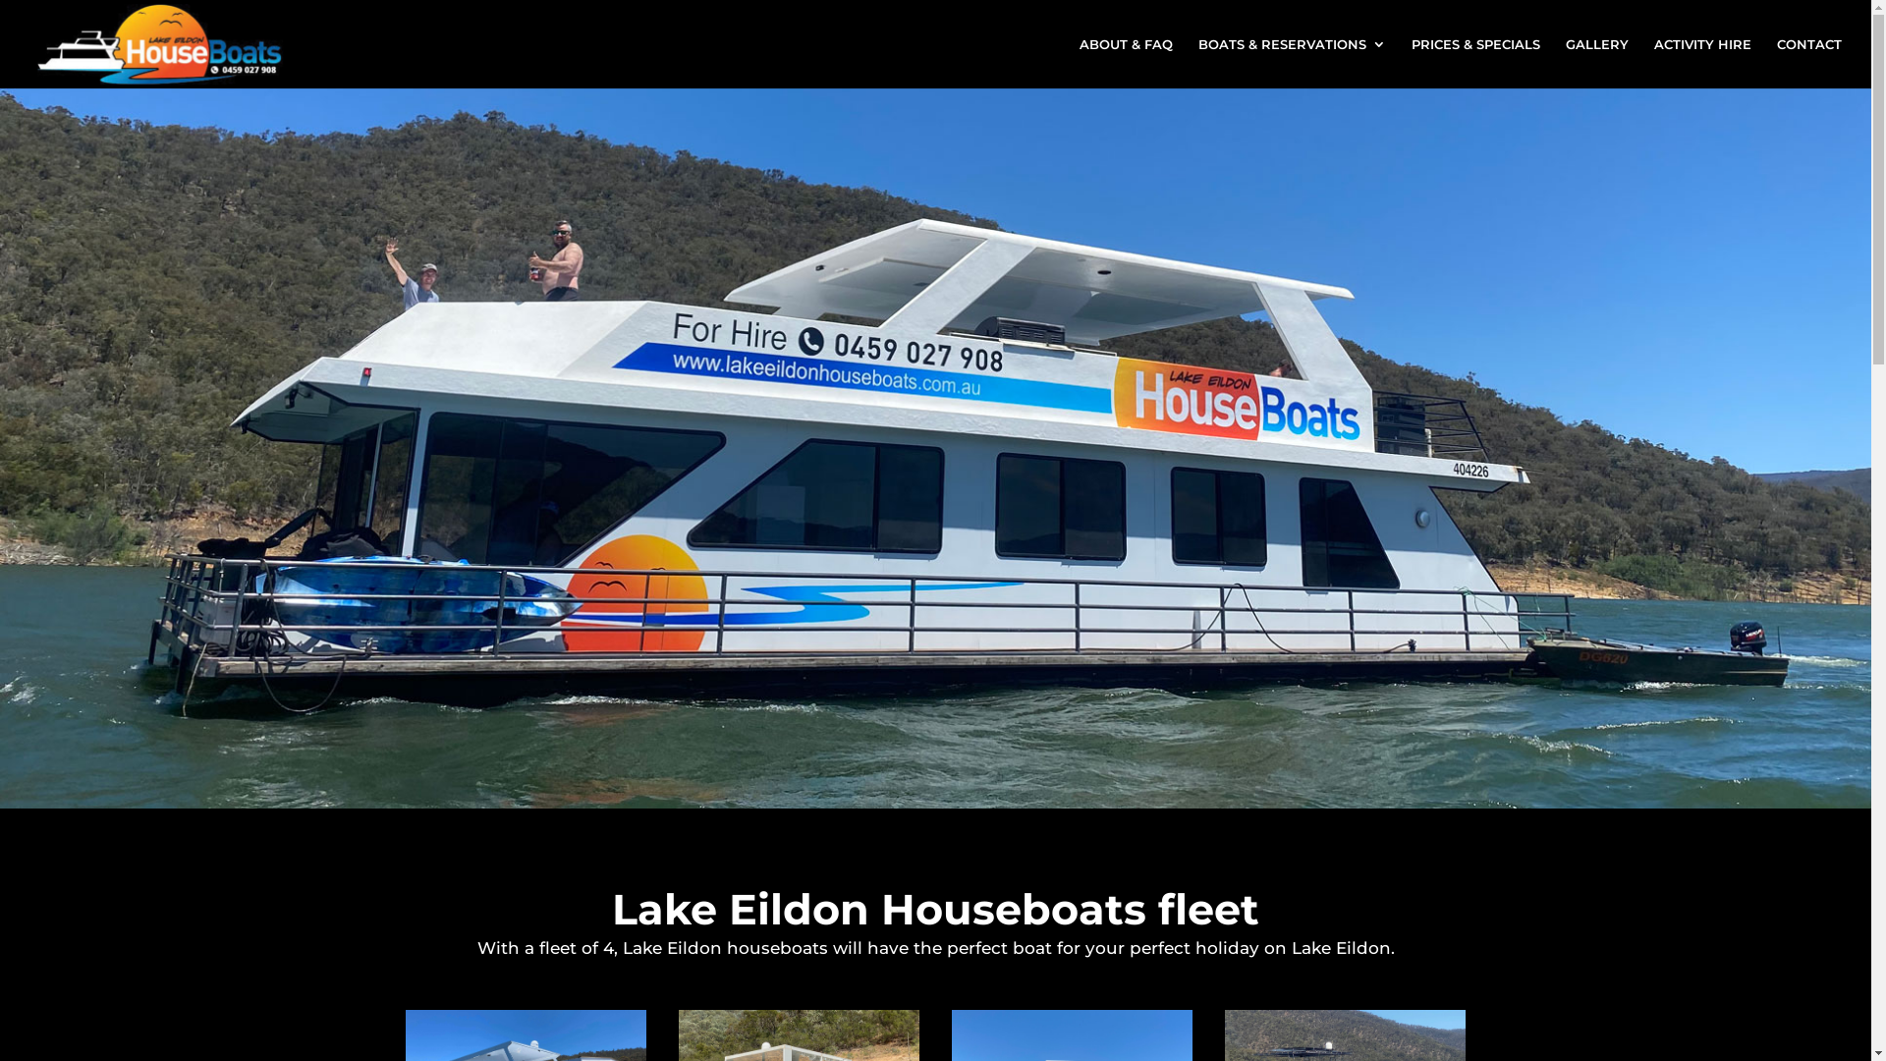 The width and height of the screenshot is (1886, 1061). Describe the element at coordinates (1564, 62) in the screenshot. I see `'GALLERY'` at that location.